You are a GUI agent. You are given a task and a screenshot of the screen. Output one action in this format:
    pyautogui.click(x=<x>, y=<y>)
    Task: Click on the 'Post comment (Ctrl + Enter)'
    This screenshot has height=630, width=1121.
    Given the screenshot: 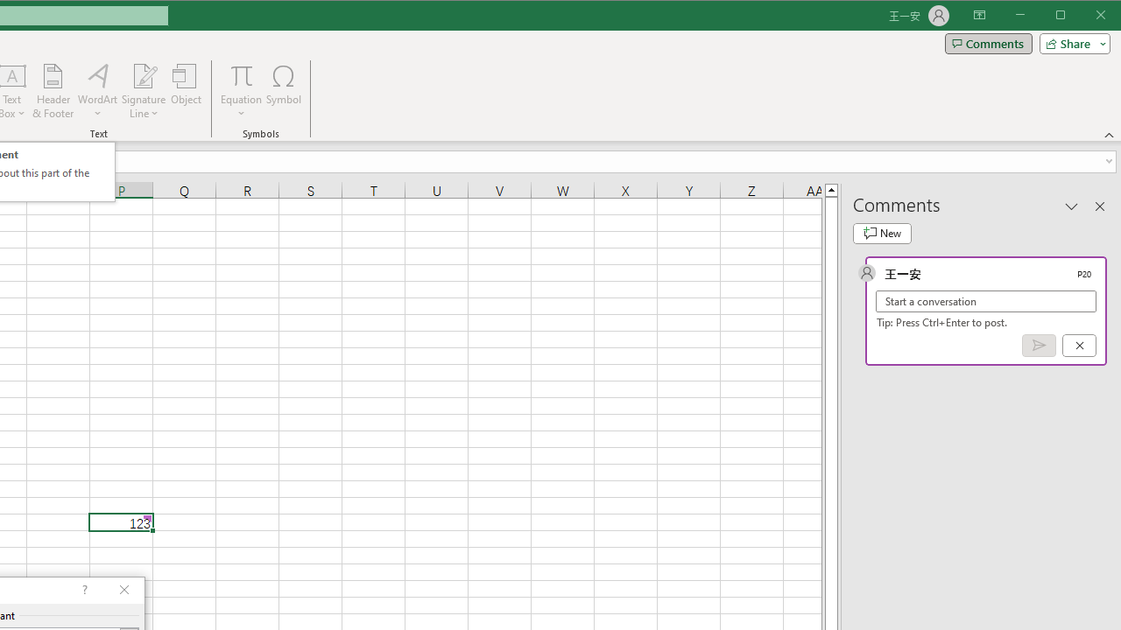 What is the action you would take?
    pyautogui.click(x=1039, y=346)
    